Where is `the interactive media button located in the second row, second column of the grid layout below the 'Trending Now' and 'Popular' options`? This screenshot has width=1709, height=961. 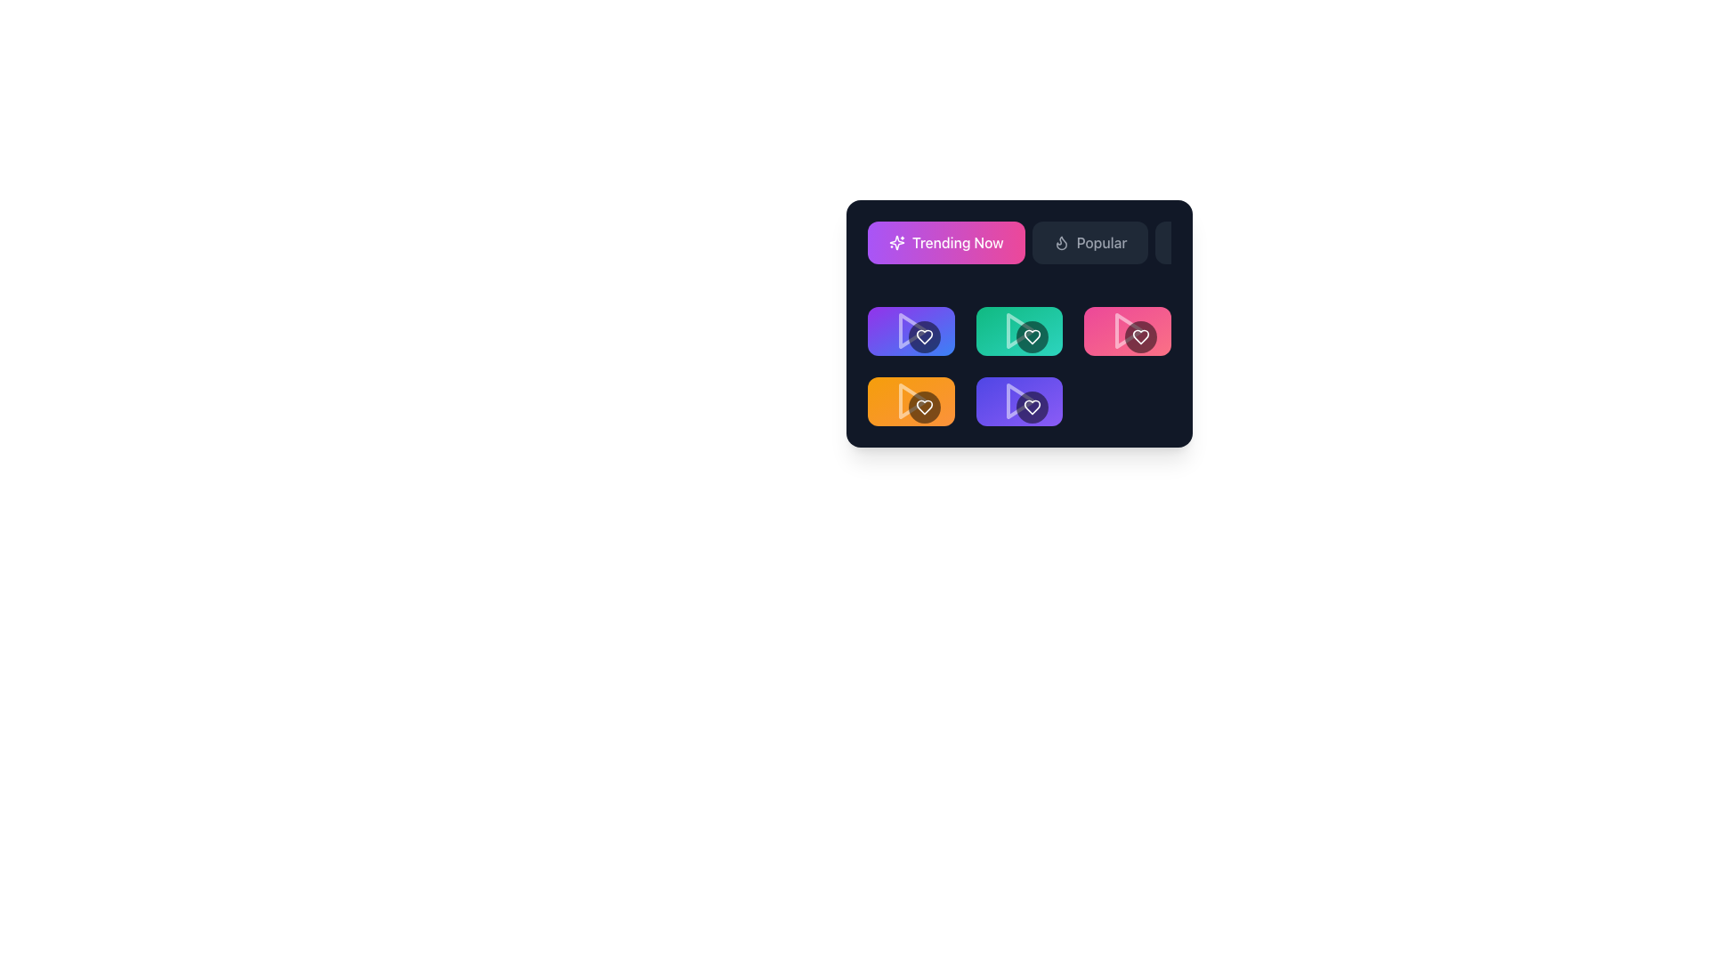
the interactive media button located in the second row, second column of the grid layout below the 'Trending Now' and 'Popular' options is located at coordinates (1019, 323).